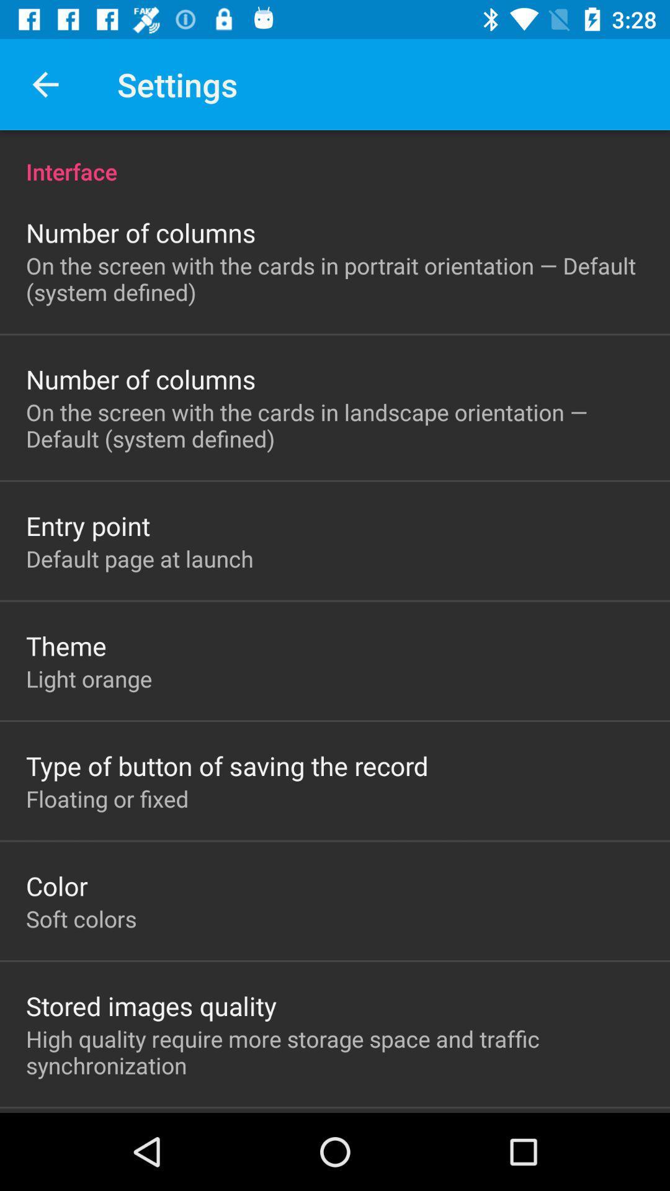  I want to click on icon above light orange, so click(66, 645).